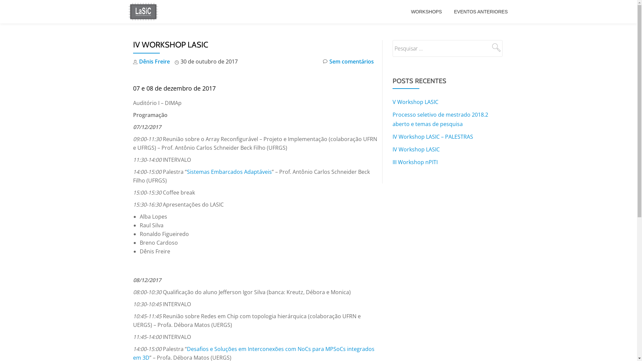 The width and height of the screenshot is (642, 361). I want to click on 'Pesquisar', so click(495, 47).